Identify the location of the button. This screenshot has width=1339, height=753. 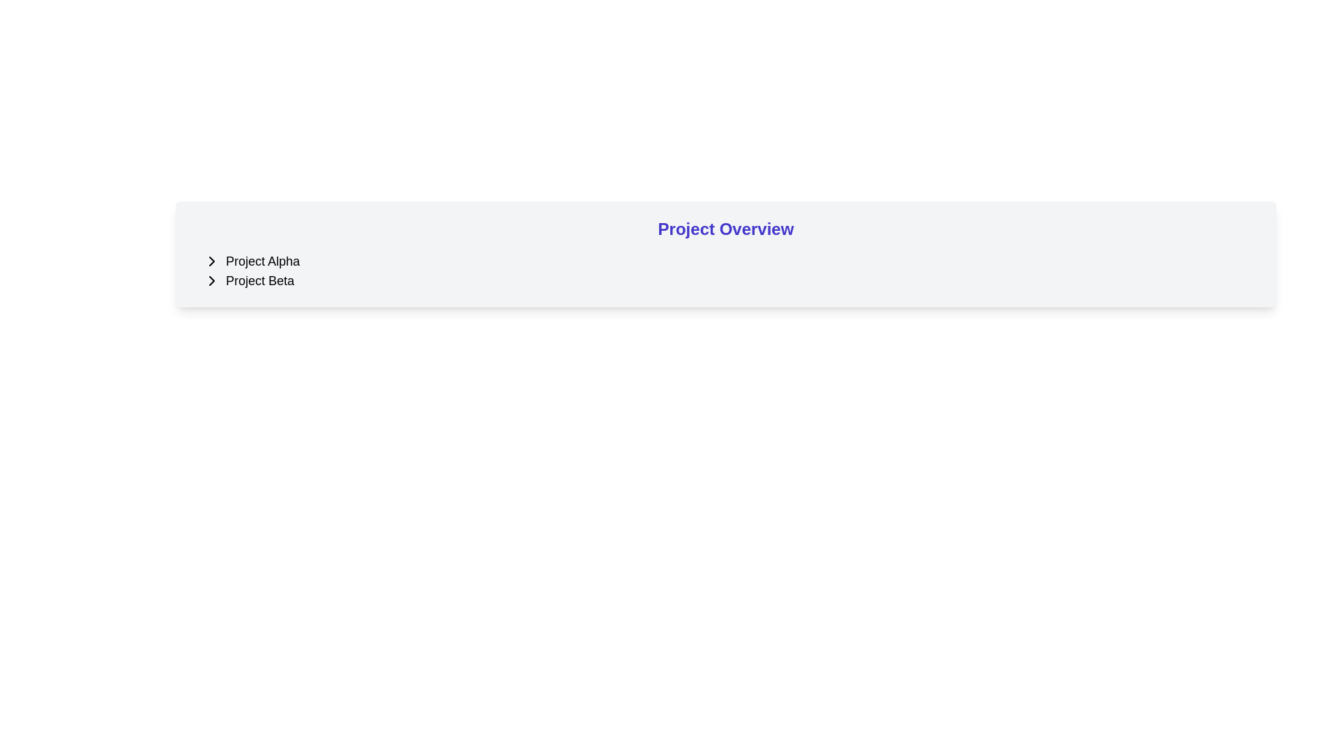
(211, 280).